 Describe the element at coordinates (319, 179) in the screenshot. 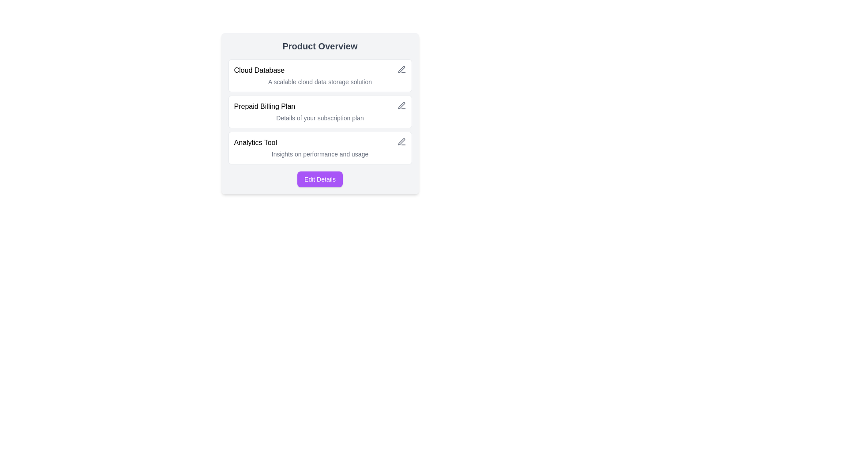

I see `the centrally positioned edit button at the bottom of the card to initiate the editing action` at that location.